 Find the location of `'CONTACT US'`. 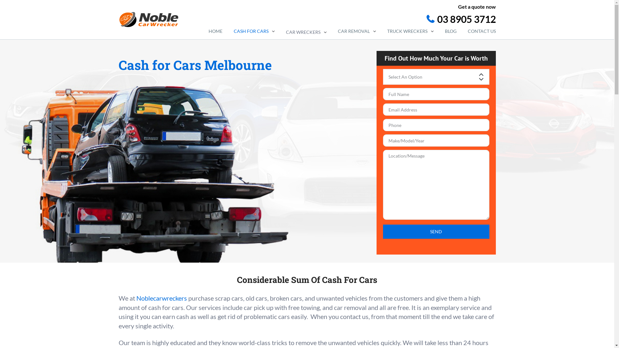

'CONTACT US' is located at coordinates (467, 31).